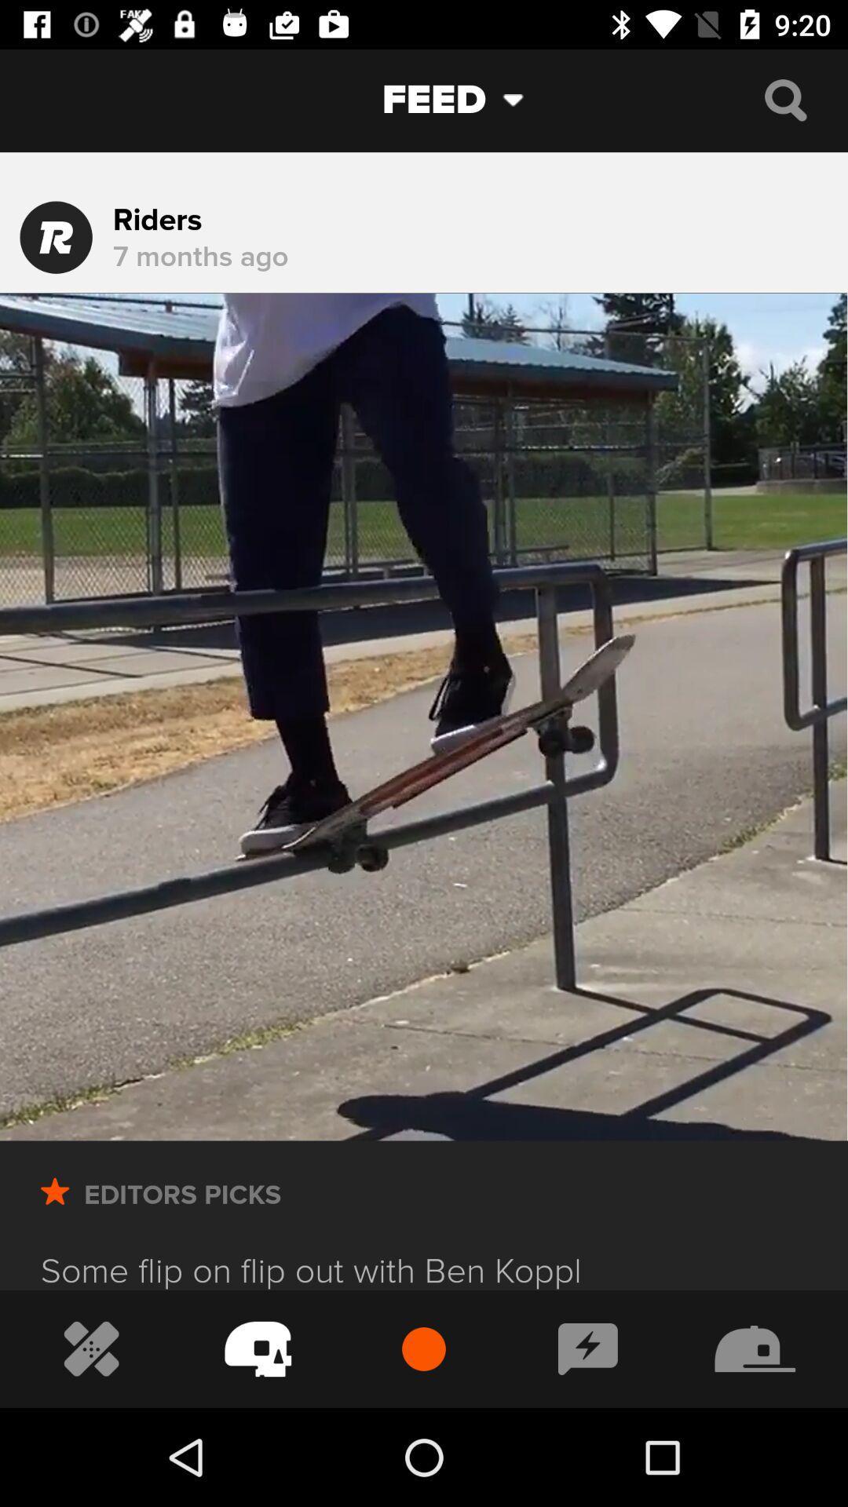 The width and height of the screenshot is (848, 1507). What do you see at coordinates (588, 1348) in the screenshot?
I see `get in touch` at bounding box center [588, 1348].